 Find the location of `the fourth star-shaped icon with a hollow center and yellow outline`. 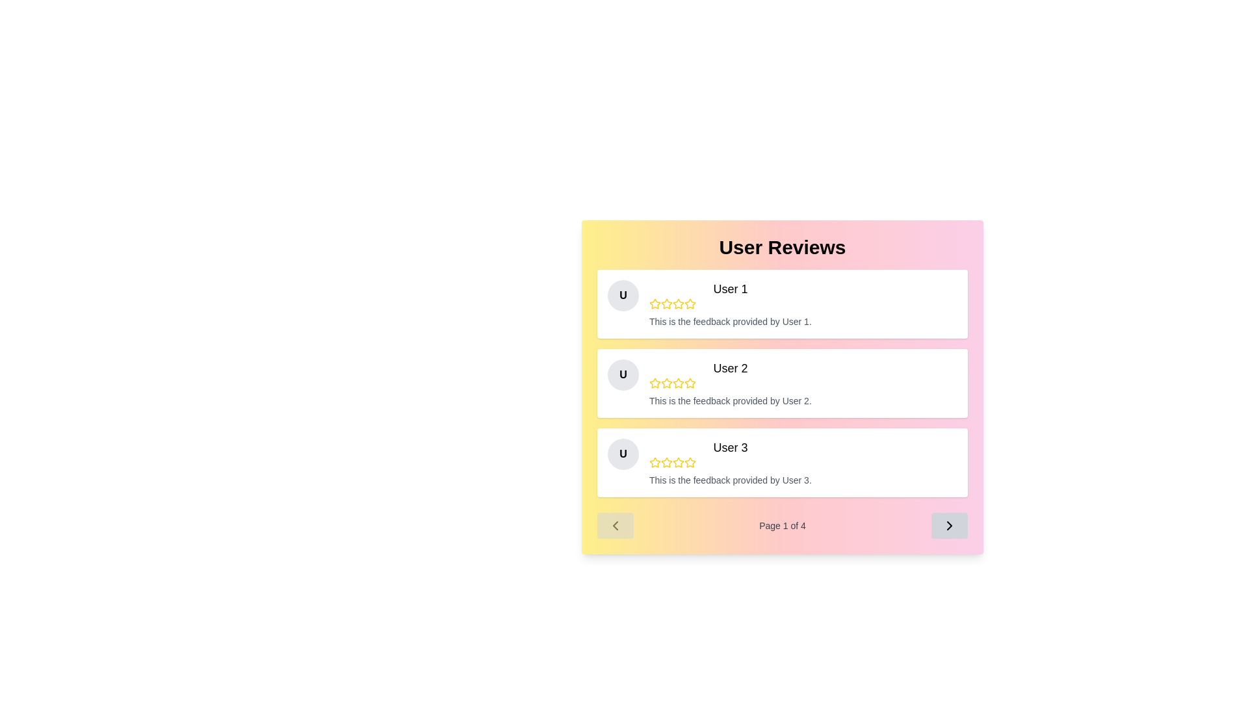

the fourth star-shaped icon with a hollow center and yellow outline is located at coordinates (677, 304).